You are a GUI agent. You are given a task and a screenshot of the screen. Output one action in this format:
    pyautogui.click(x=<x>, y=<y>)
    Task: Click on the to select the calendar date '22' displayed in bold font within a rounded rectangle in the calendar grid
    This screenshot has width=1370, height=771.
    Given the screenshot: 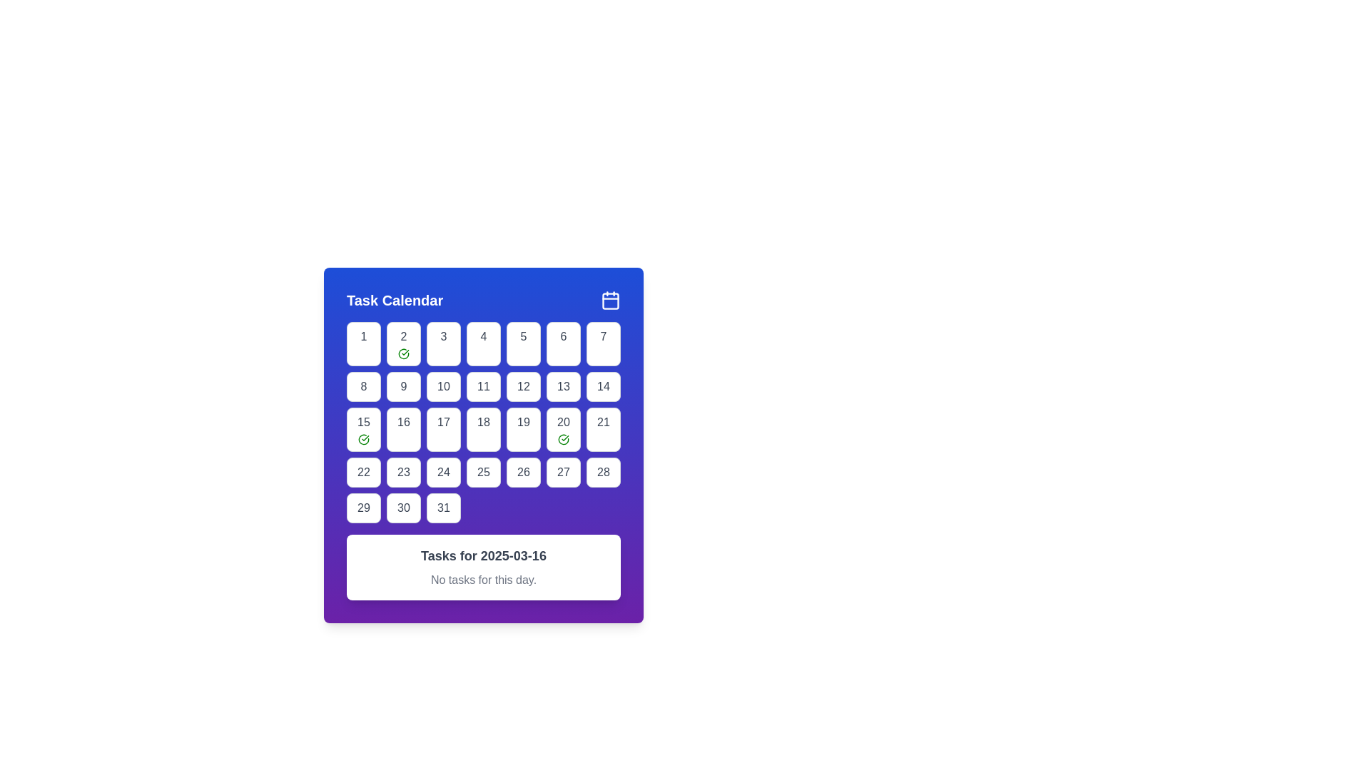 What is the action you would take?
    pyautogui.click(x=363, y=473)
    